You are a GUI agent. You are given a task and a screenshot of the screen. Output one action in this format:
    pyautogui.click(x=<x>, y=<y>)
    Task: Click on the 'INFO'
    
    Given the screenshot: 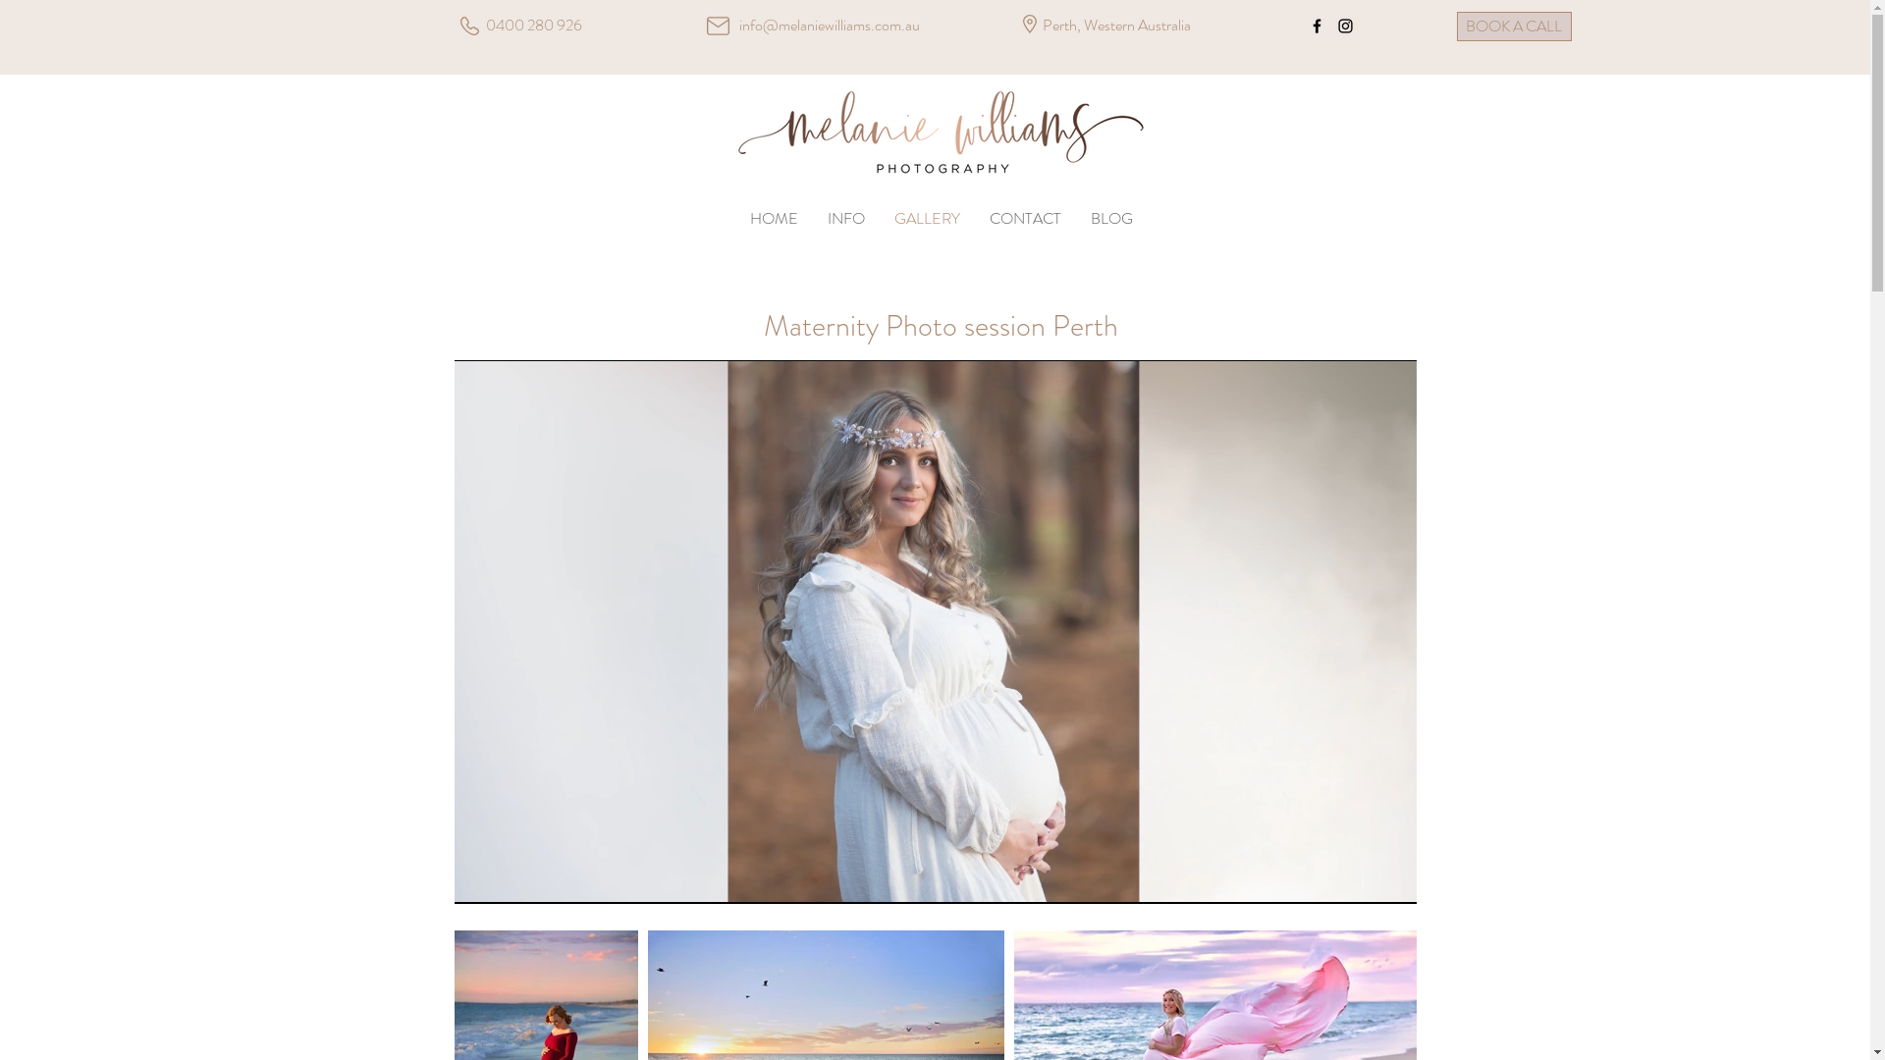 What is the action you would take?
    pyautogui.click(x=846, y=219)
    